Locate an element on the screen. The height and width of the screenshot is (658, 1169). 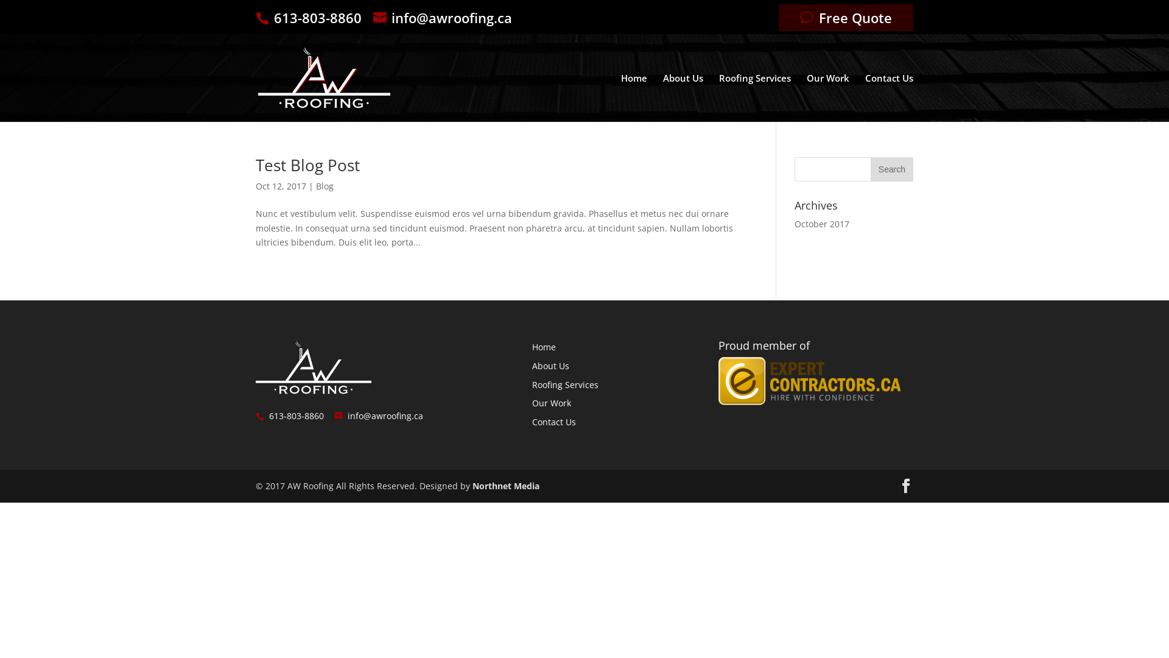
'Search' is located at coordinates (891, 169).